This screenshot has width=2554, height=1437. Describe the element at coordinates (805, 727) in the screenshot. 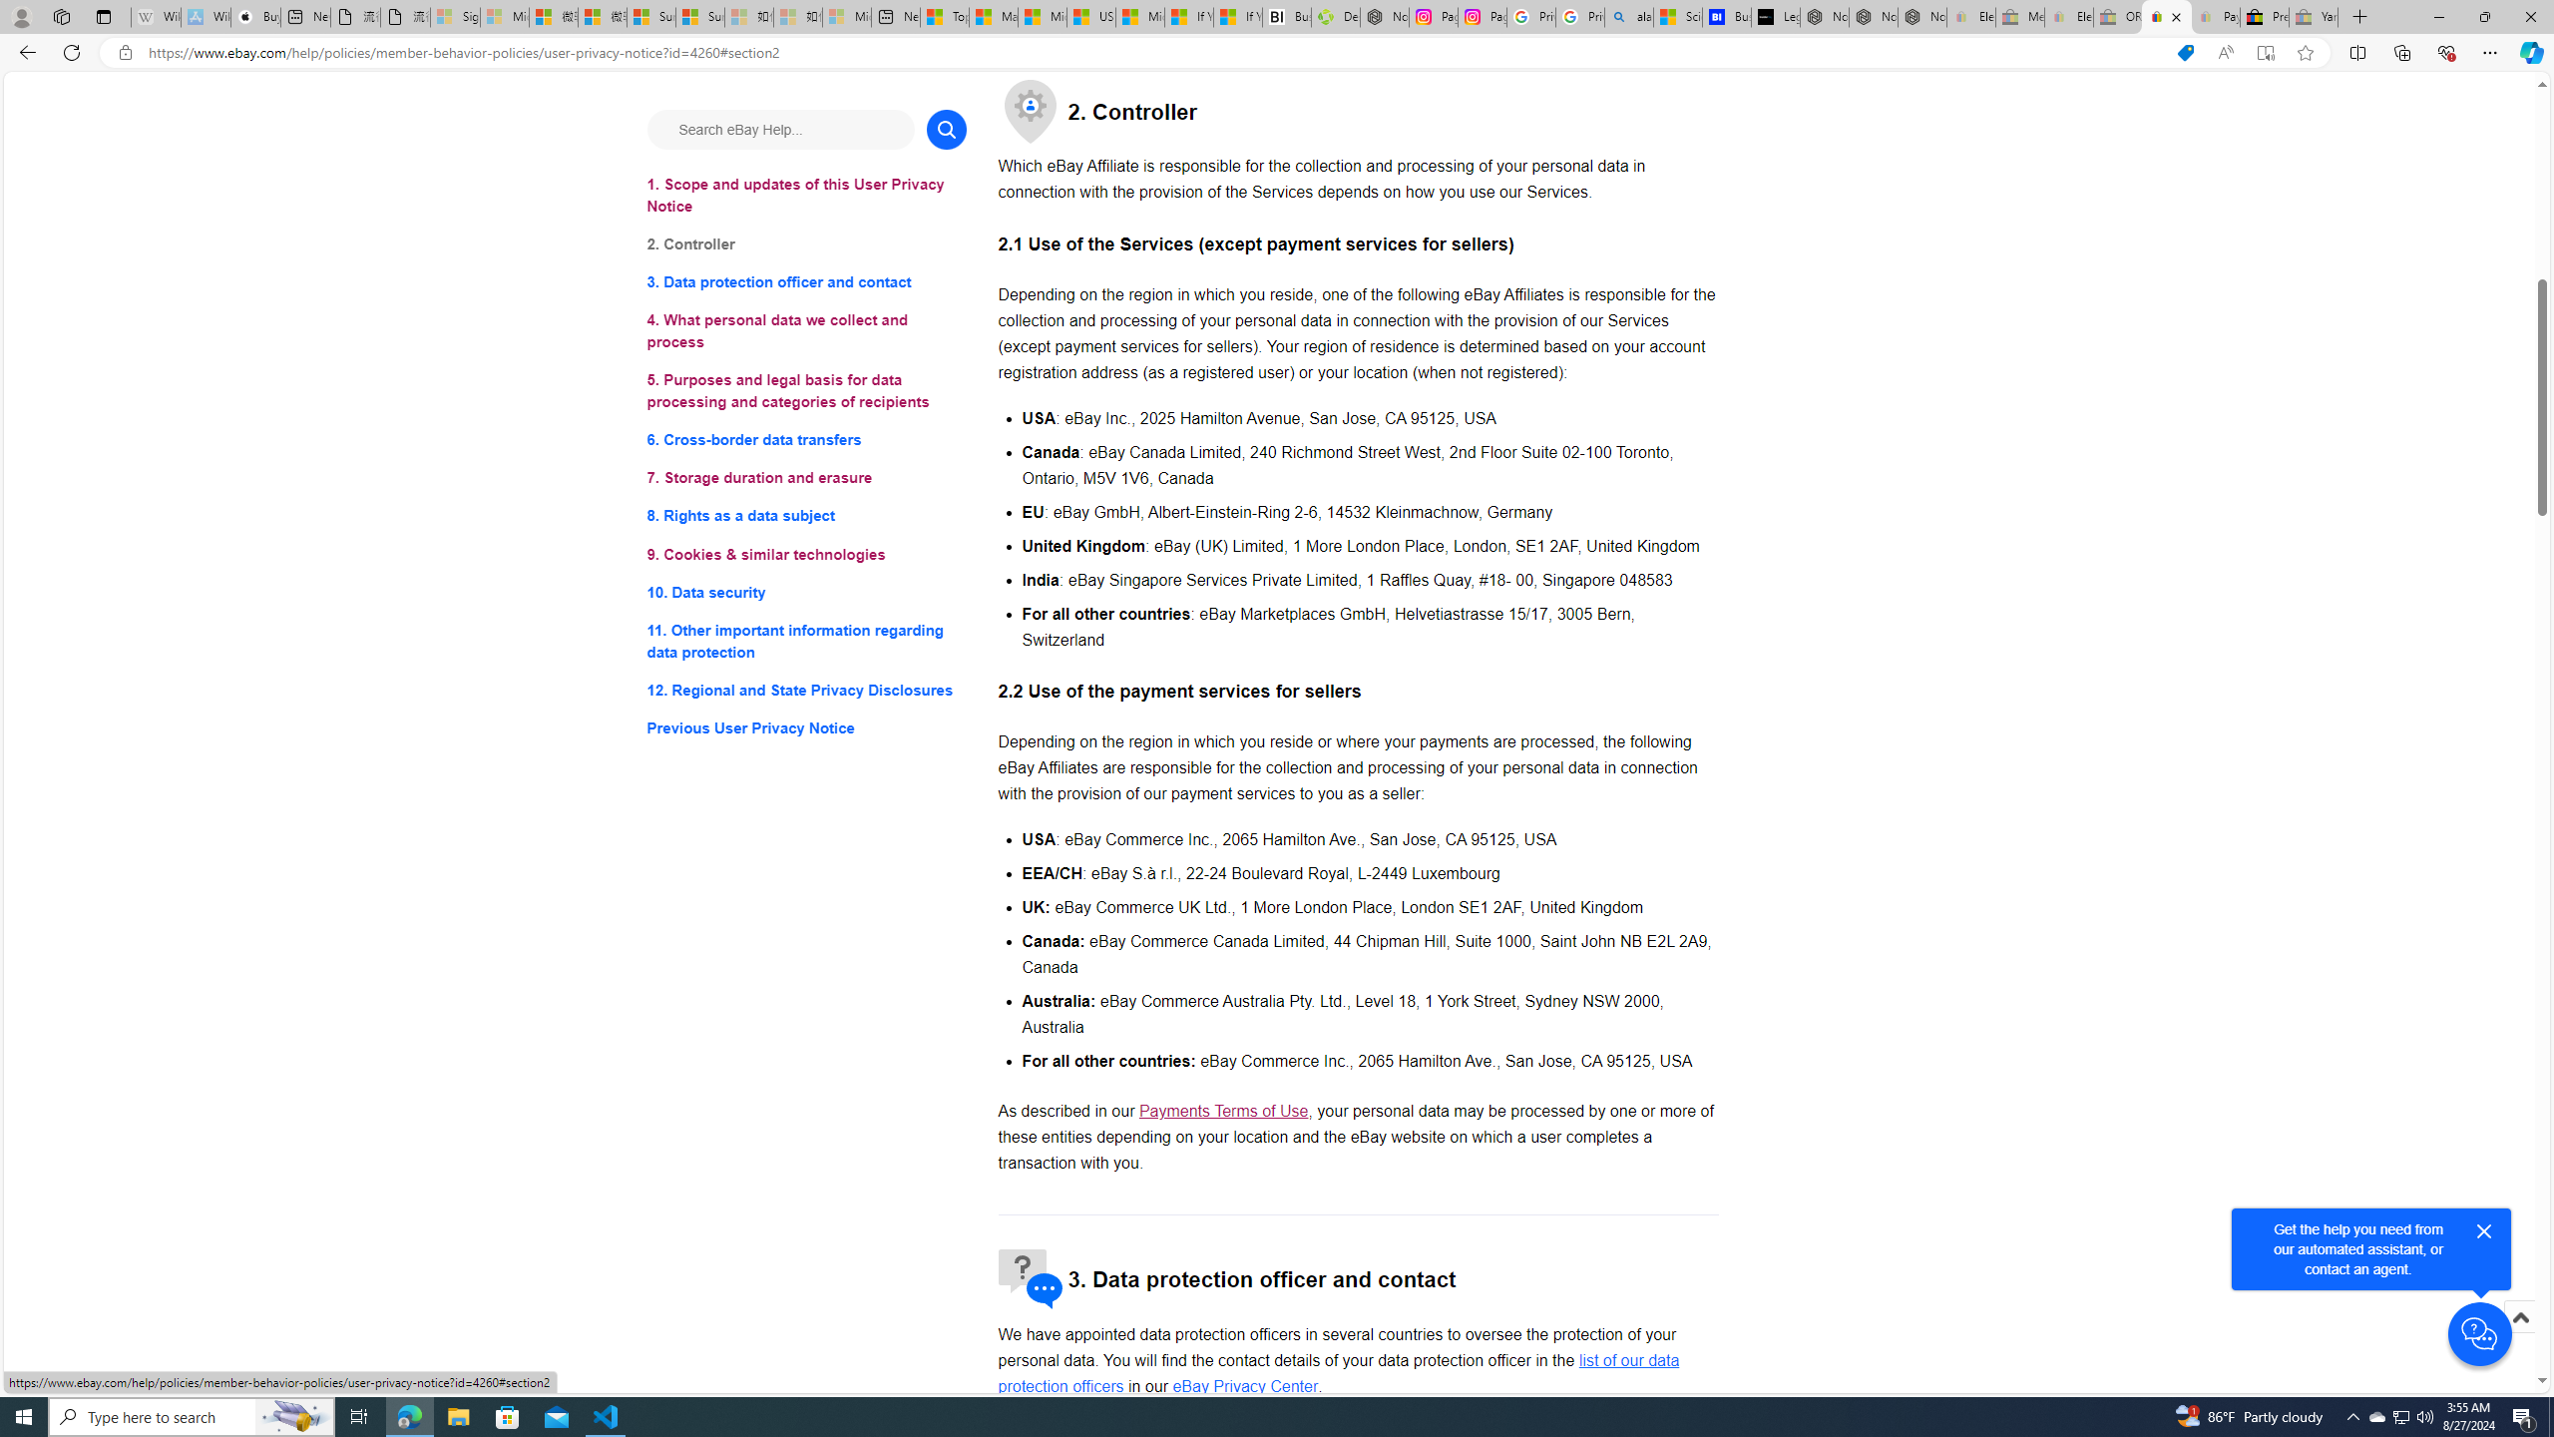

I see `'Previous User Privacy Notice'` at that location.